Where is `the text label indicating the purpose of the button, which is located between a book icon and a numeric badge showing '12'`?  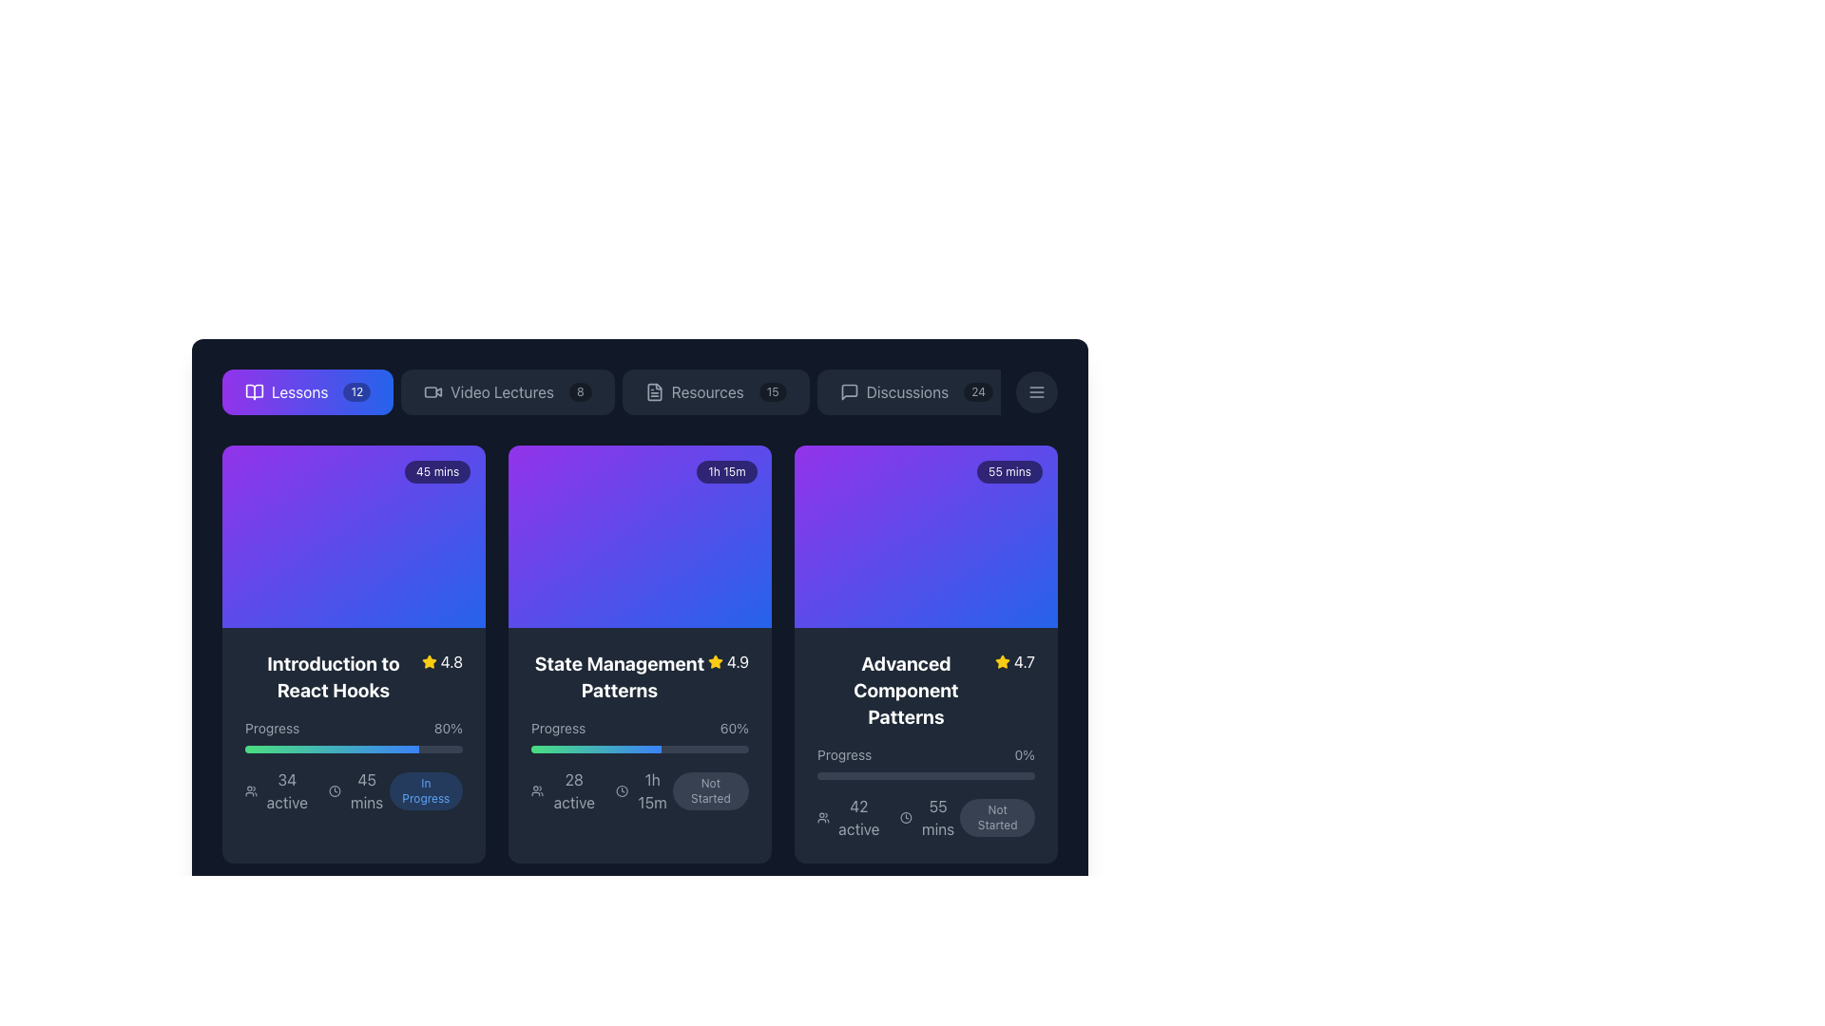
the text label indicating the purpose of the button, which is located between a book icon and a numeric badge showing '12' is located at coordinates (298, 390).